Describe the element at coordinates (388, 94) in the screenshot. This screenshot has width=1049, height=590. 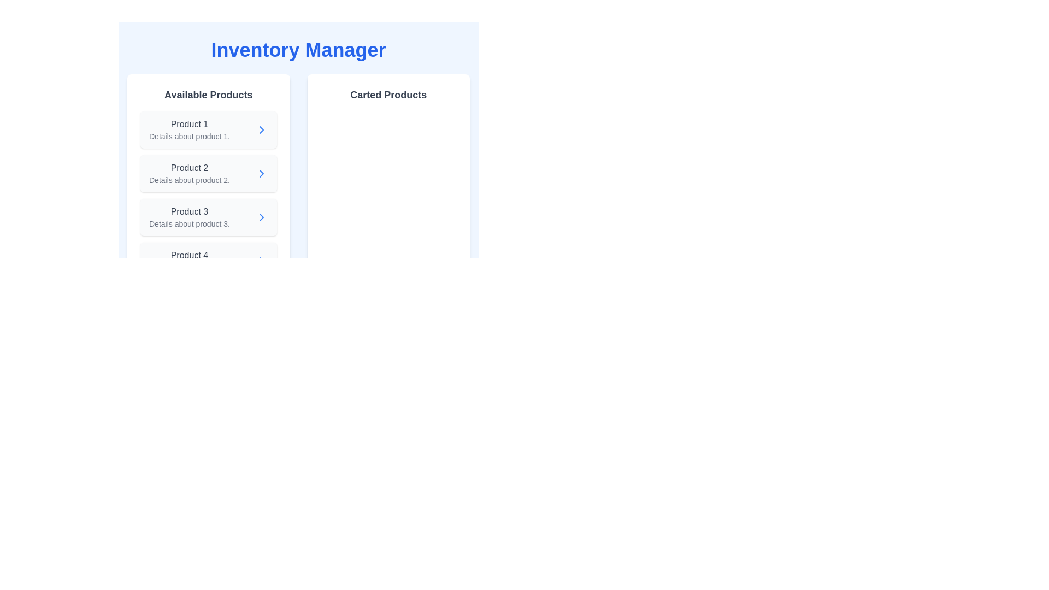
I see `the text label 'Carted Products', which is styled as a bold and large header in dark gray, located within the right-side panel of the interface under 'Inventory Manager'` at that location.